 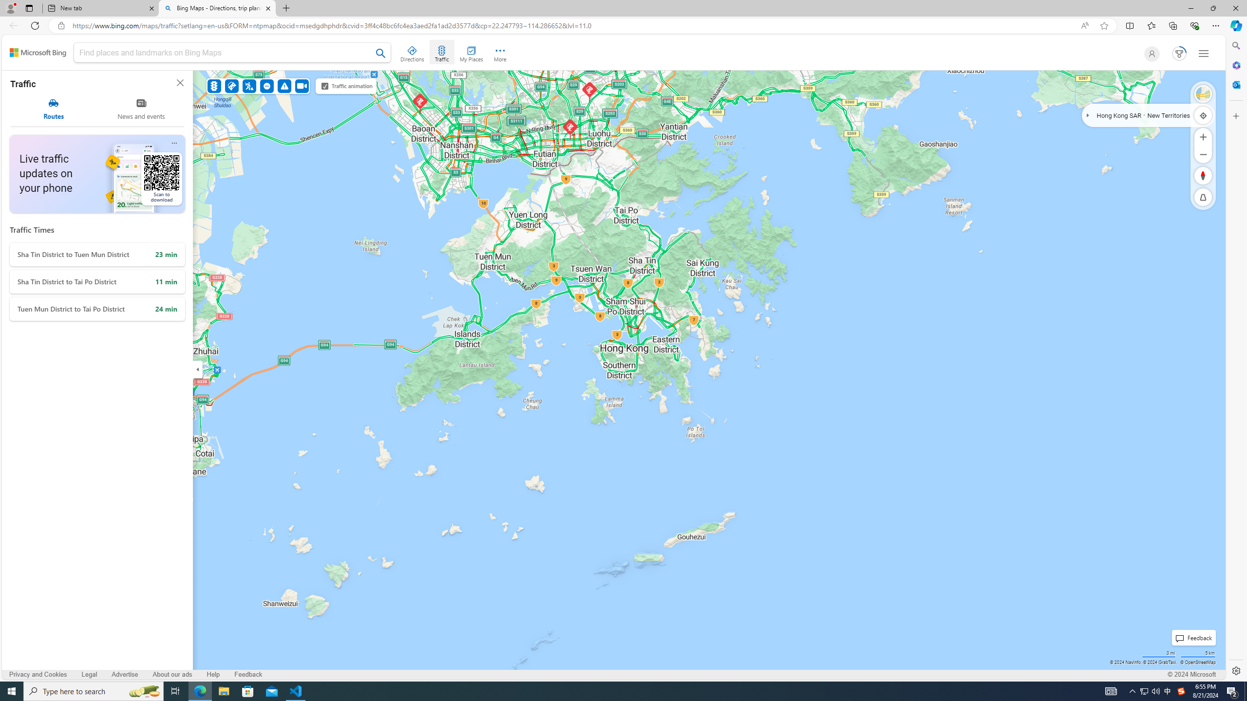 What do you see at coordinates (284, 86) in the screenshot?
I see `'Miscellaneous incidents'` at bounding box center [284, 86].